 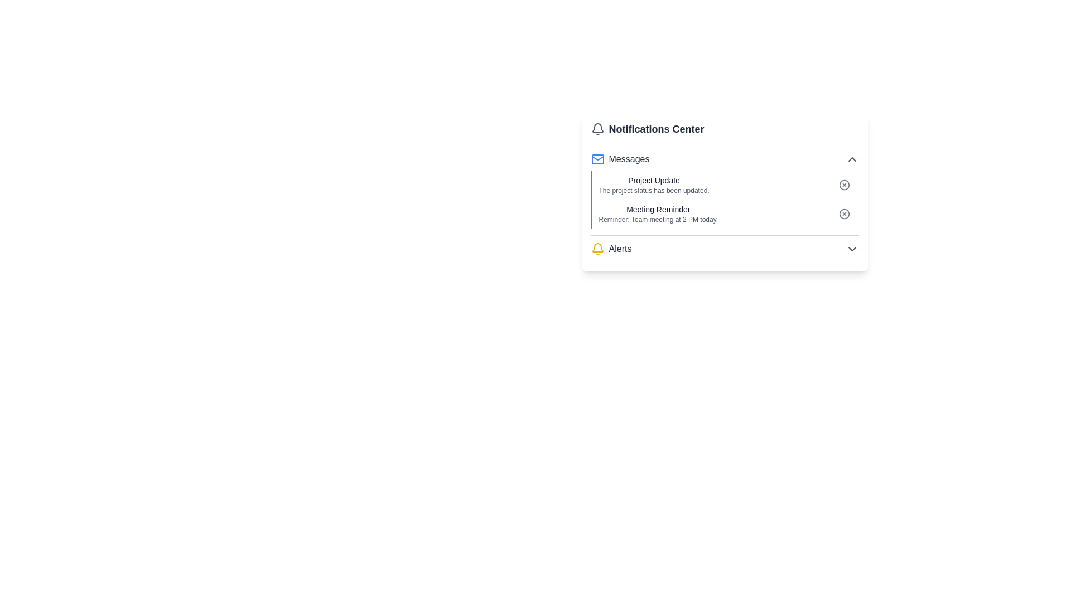 I want to click on the 'Messages' section label in the notification panel, which includes an icon and text, serving as a visual identifier for message-related notifications, so click(x=619, y=159).